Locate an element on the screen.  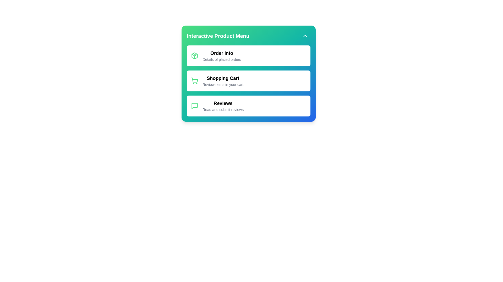
button at the top-right corner of the menu to toggle its visibility is located at coordinates (305, 36).